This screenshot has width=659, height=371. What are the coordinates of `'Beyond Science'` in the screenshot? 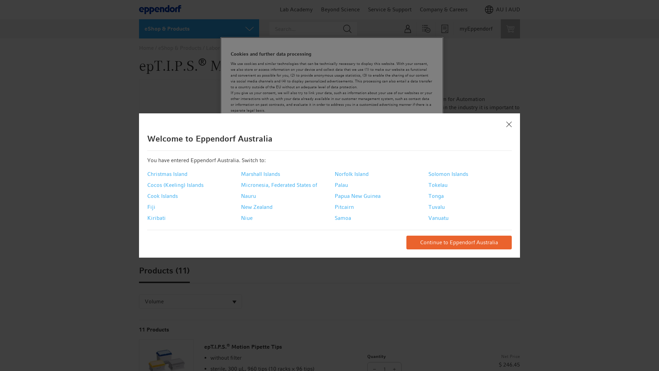 It's located at (340, 9).